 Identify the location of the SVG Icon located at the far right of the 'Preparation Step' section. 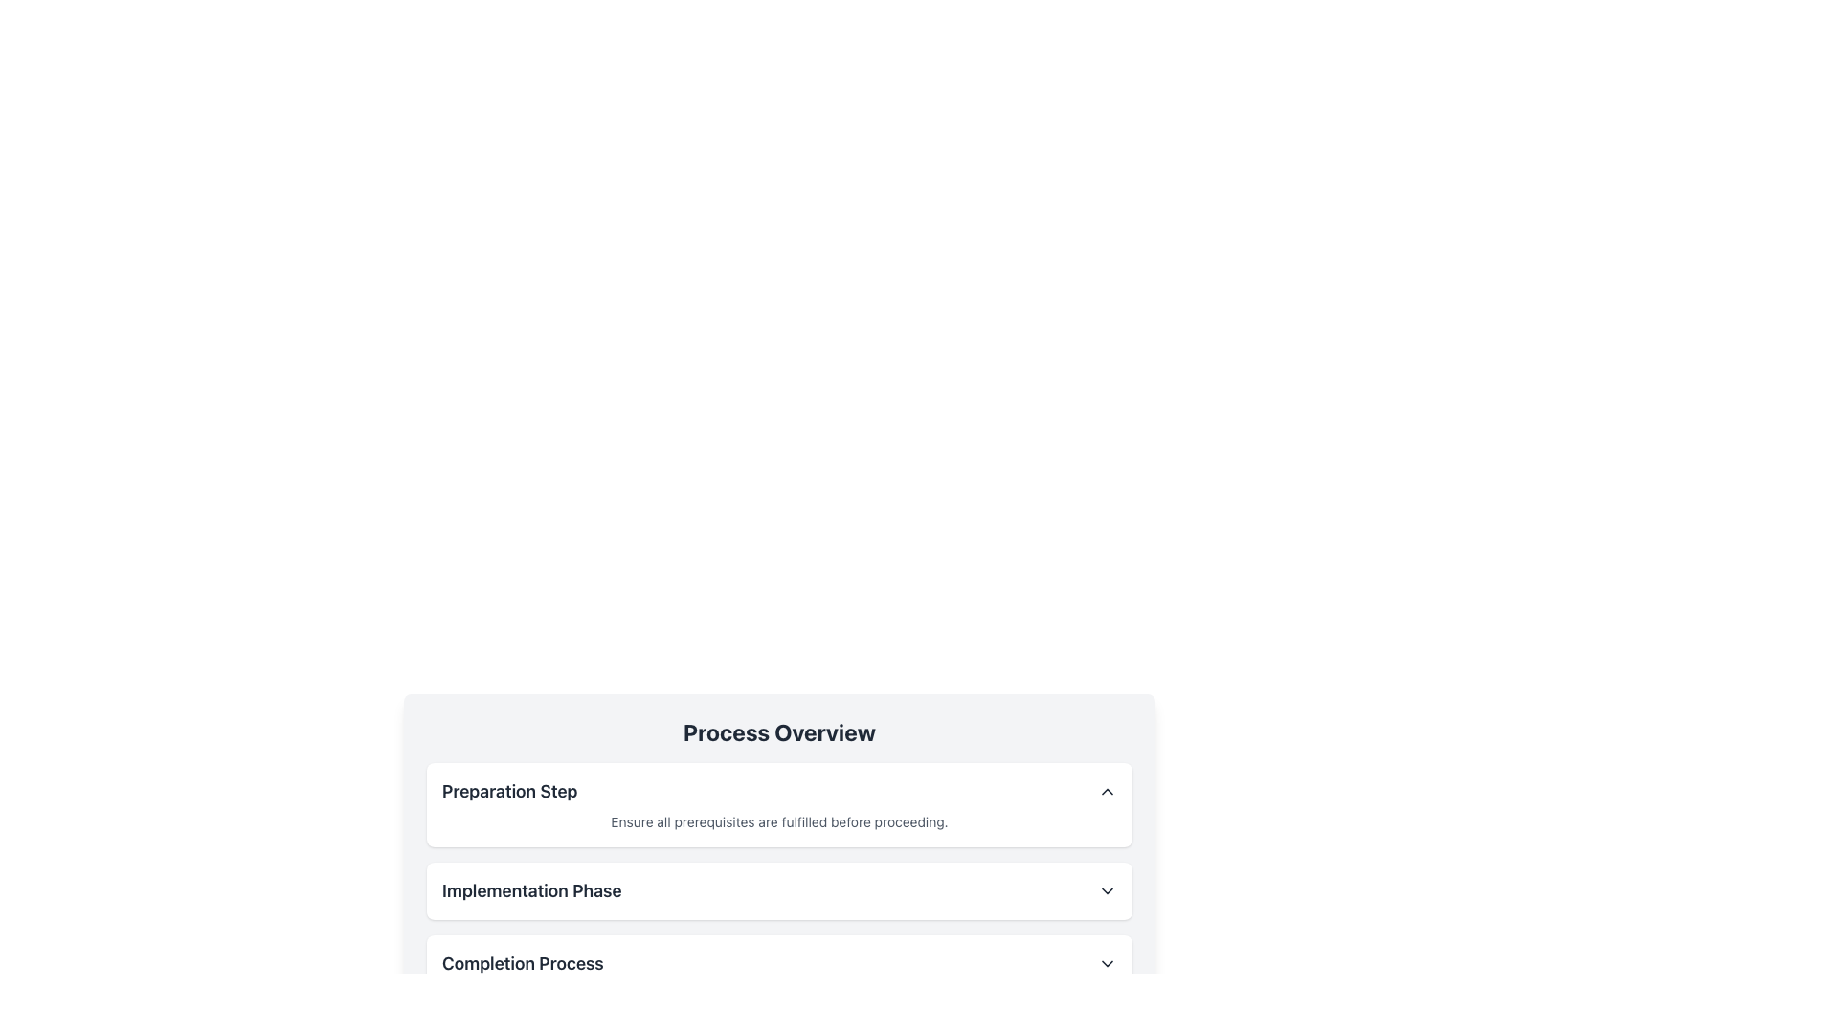
(1107, 791).